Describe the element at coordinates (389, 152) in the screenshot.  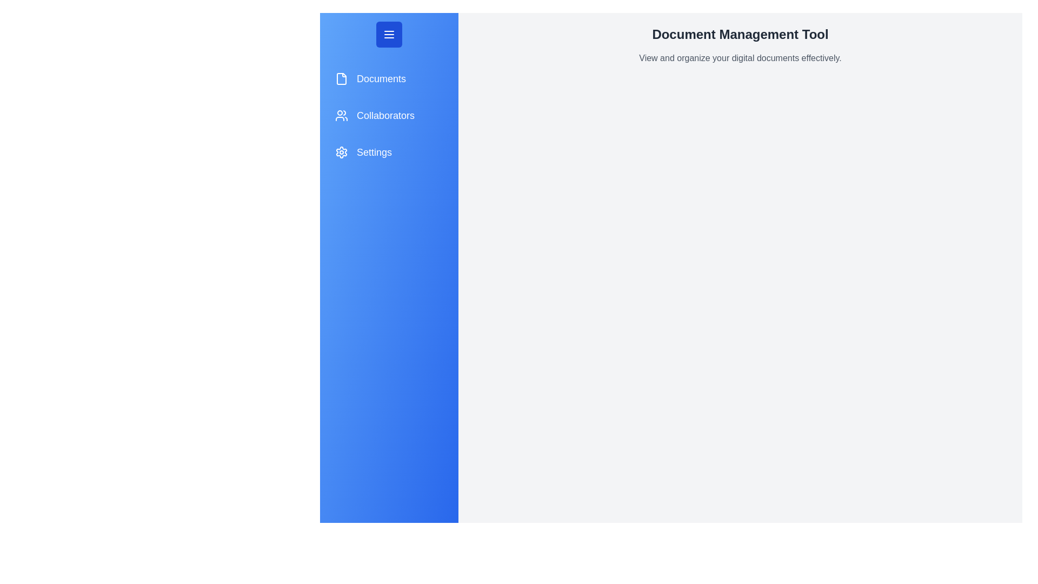
I see `the 'Settings' navigation item to access the Settings section` at that location.